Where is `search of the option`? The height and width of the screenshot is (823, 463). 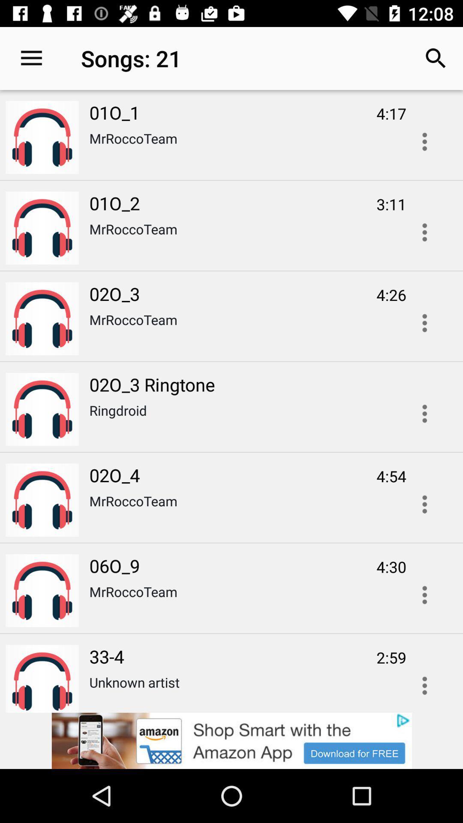
search of the option is located at coordinates (424, 232).